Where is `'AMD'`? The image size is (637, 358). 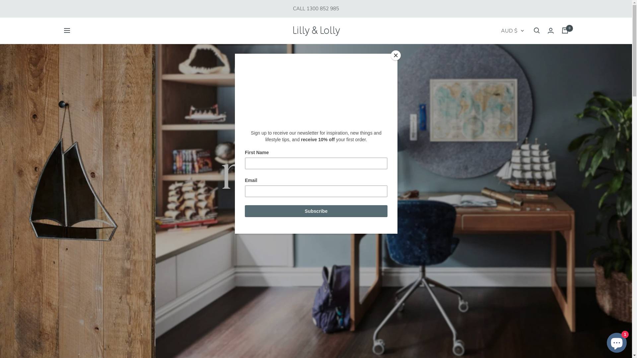 'AMD' is located at coordinates (488, 90).